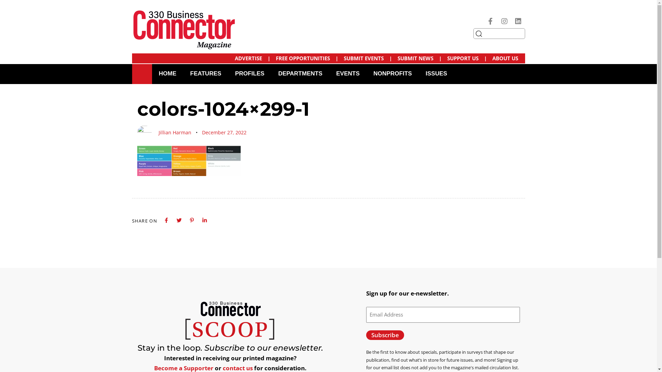  Describe the element at coordinates (367, 58) in the screenshot. I see `'SUBMIT EVENTS    |'` at that location.